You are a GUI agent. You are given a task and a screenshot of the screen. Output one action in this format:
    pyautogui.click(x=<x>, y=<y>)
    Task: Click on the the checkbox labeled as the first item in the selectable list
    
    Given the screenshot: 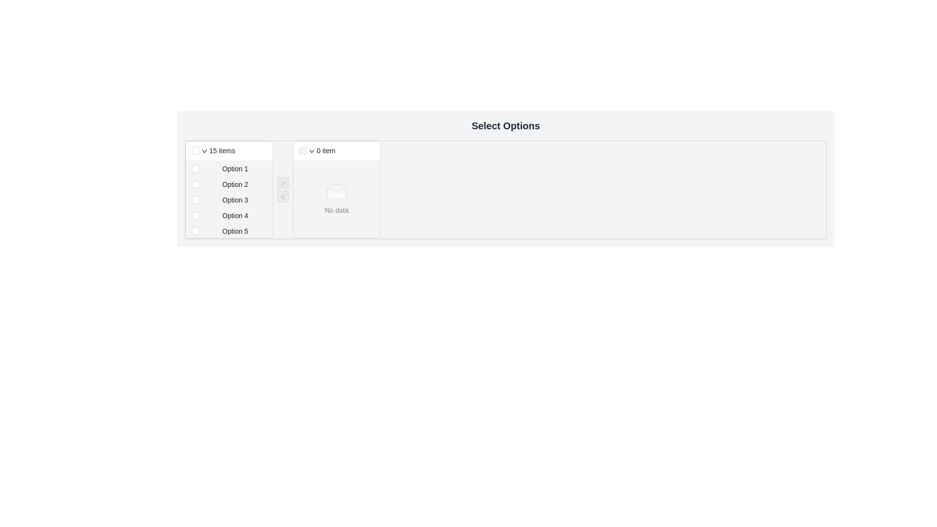 What is the action you would take?
    pyautogui.click(x=229, y=168)
    